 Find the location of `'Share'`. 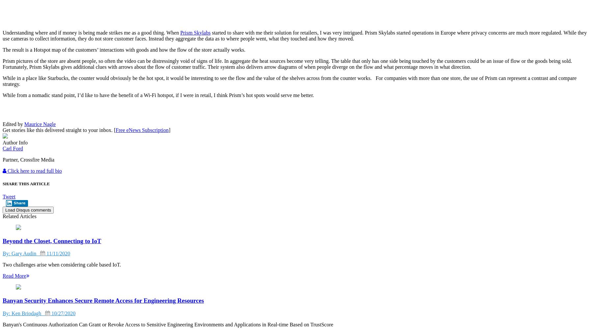

'Share' is located at coordinates (19, 203).